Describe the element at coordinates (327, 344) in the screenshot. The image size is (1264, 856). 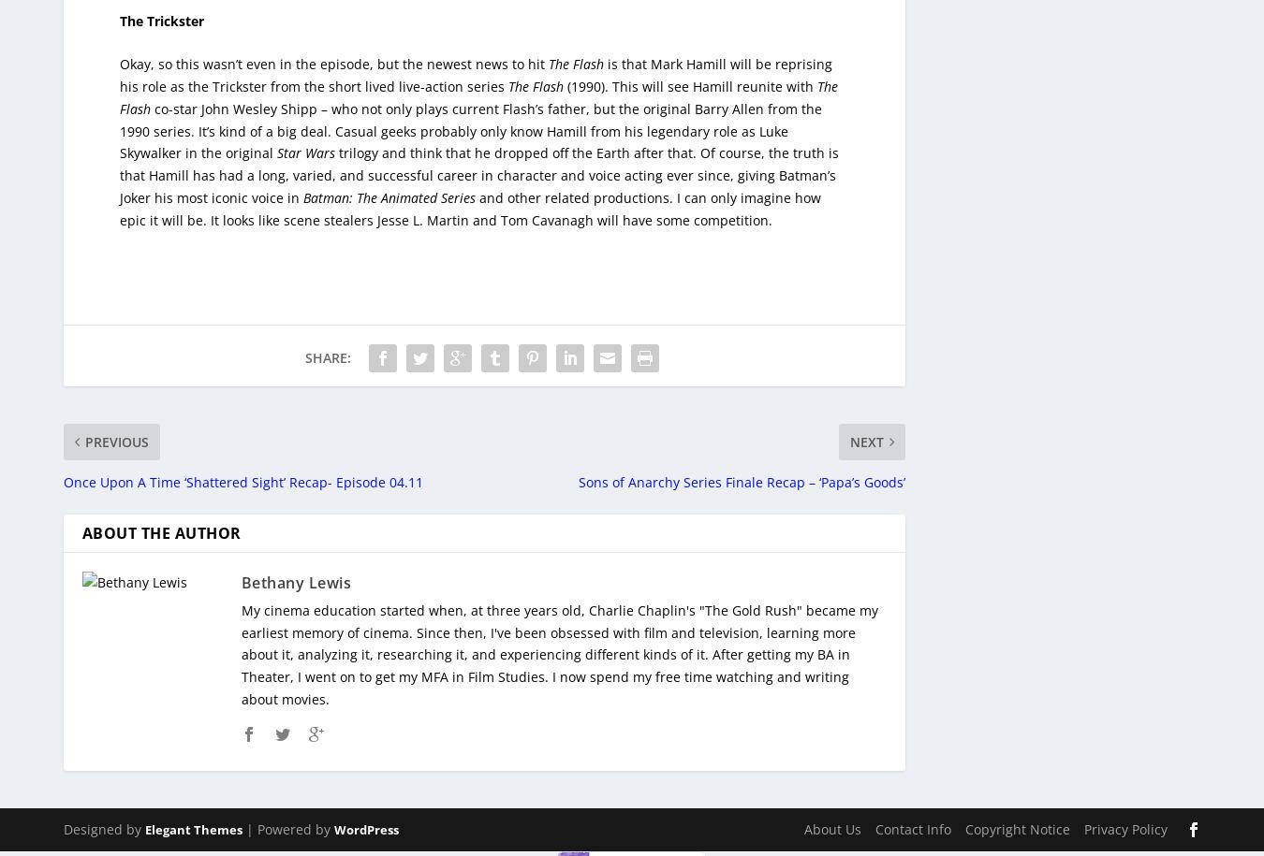
I see `'Share:'` at that location.